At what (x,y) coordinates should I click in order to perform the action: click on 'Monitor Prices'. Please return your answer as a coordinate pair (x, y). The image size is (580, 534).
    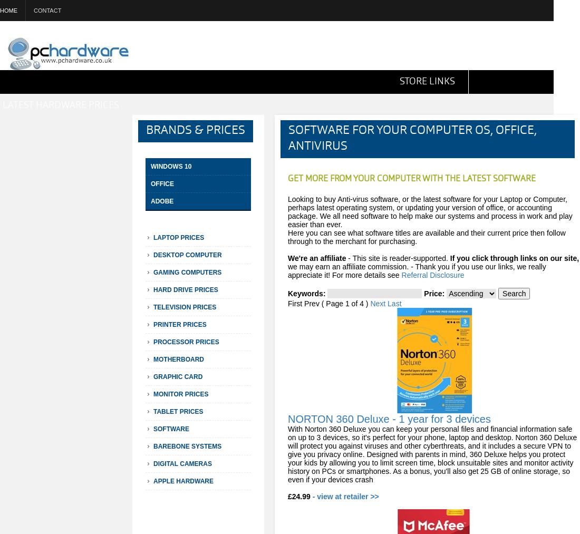
    Looking at the image, I should click on (180, 394).